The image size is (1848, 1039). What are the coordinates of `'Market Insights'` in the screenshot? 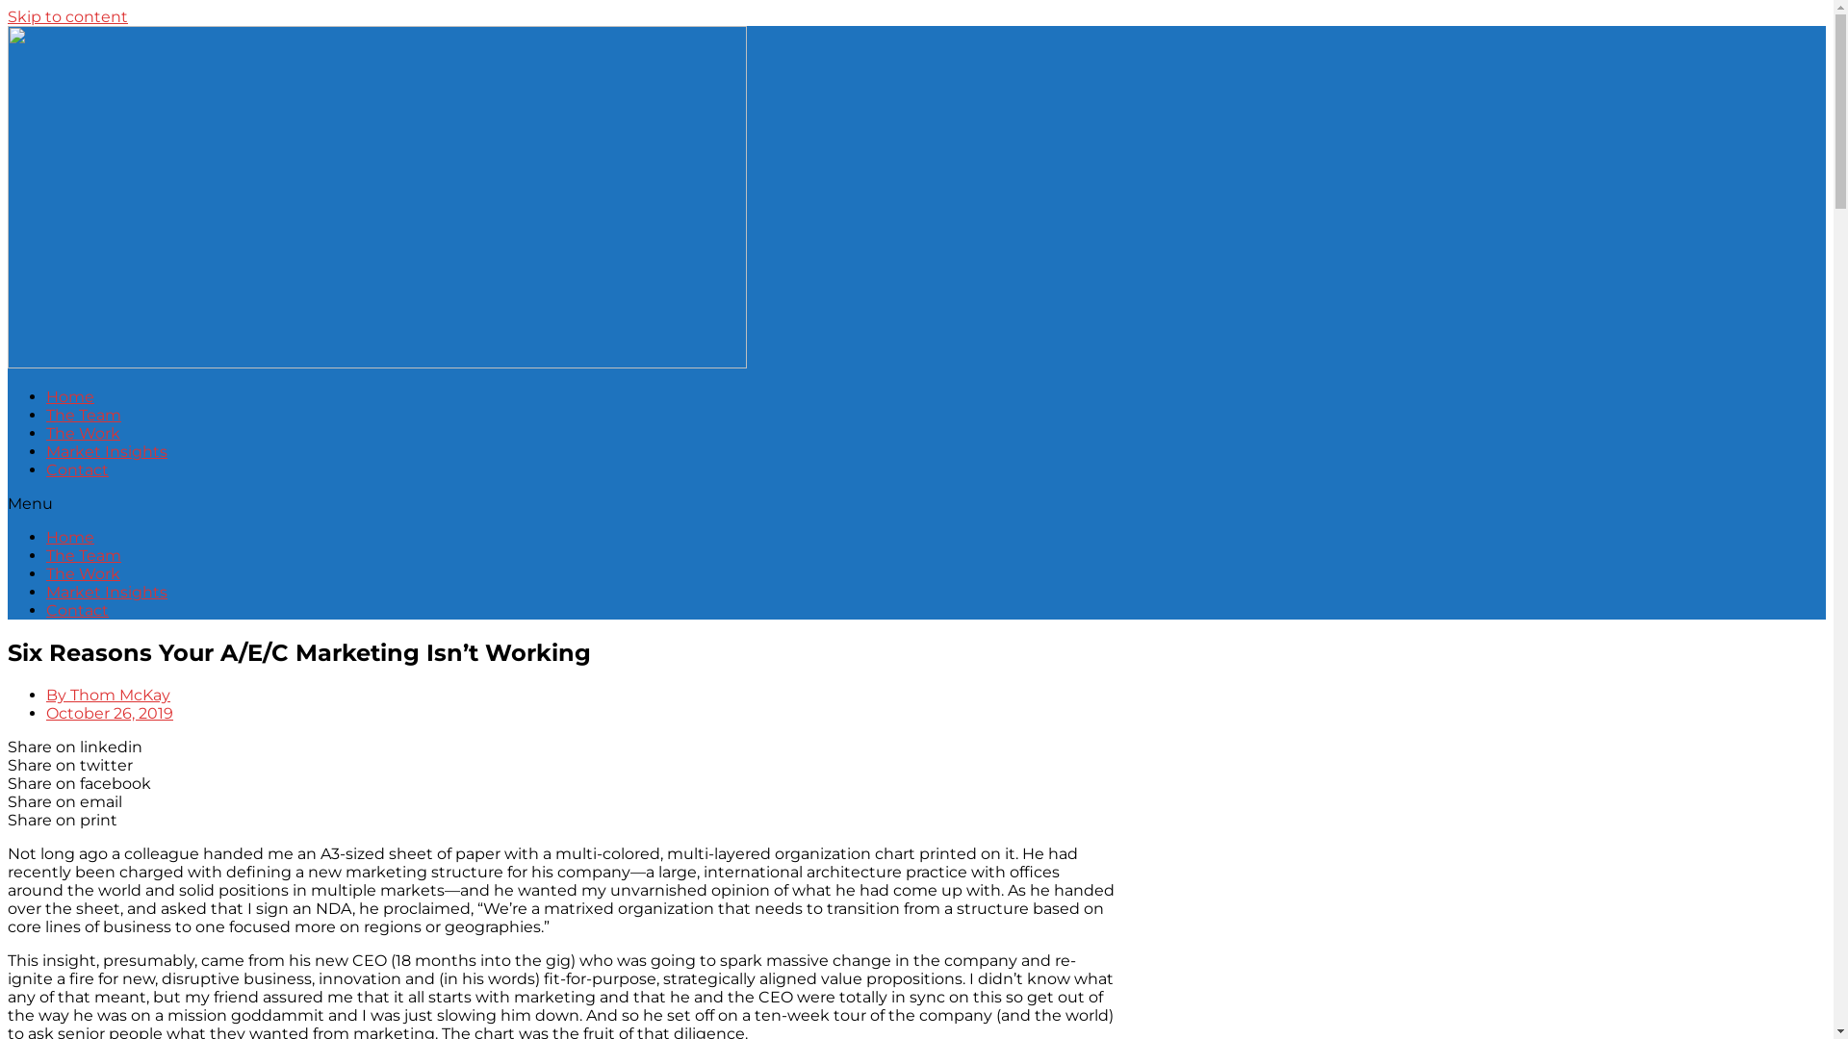 It's located at (105, 451).